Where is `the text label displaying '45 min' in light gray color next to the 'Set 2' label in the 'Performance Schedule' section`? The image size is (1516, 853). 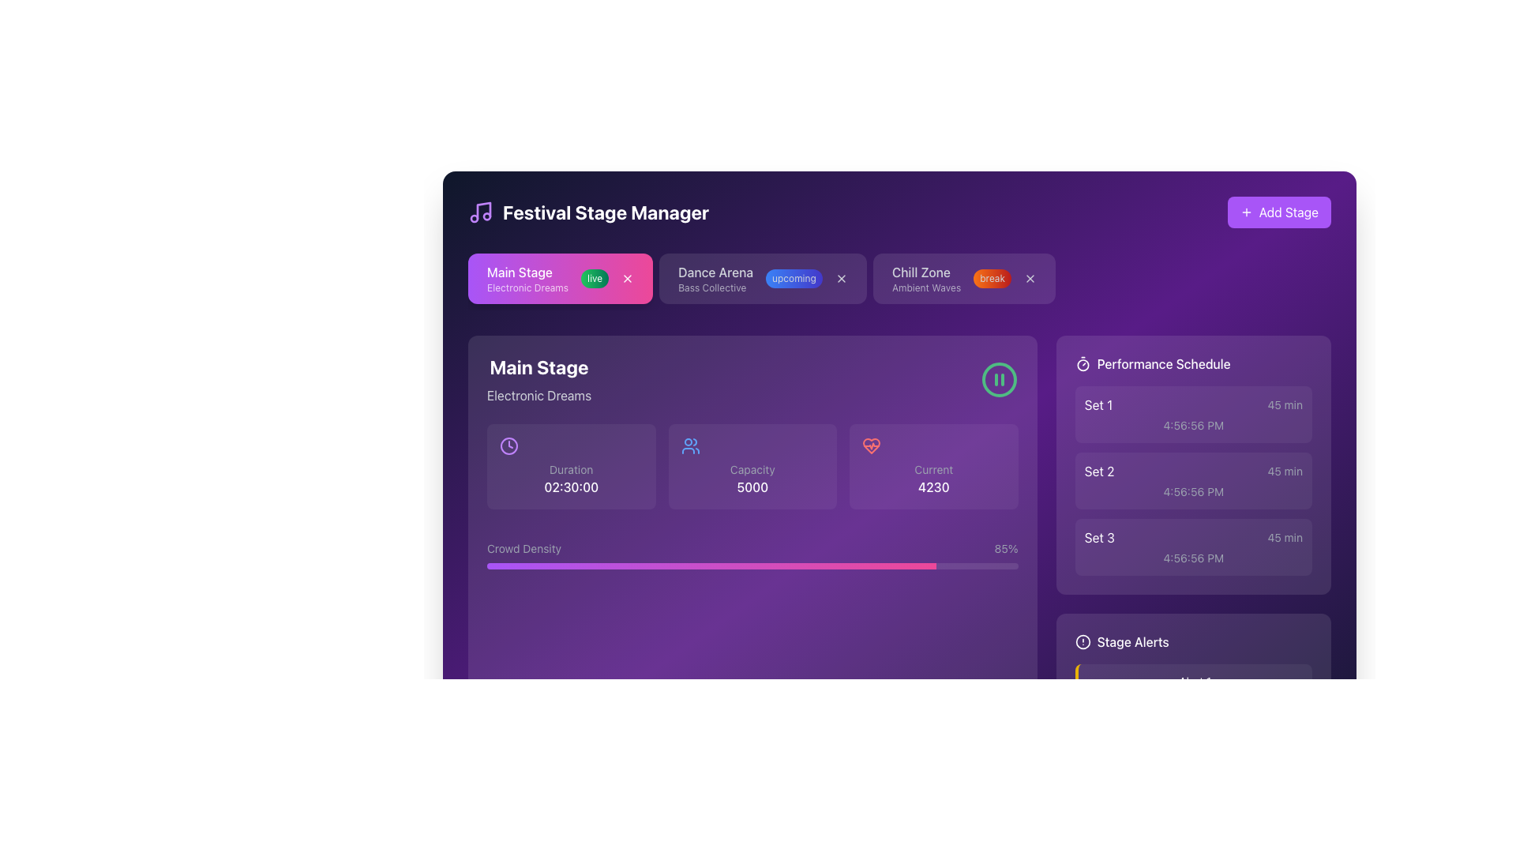
the text label displaying '45 min' in light gray color next to the 'Set 2' label in the 'Performance Schedule' section is located at coordinates (1285, 471).